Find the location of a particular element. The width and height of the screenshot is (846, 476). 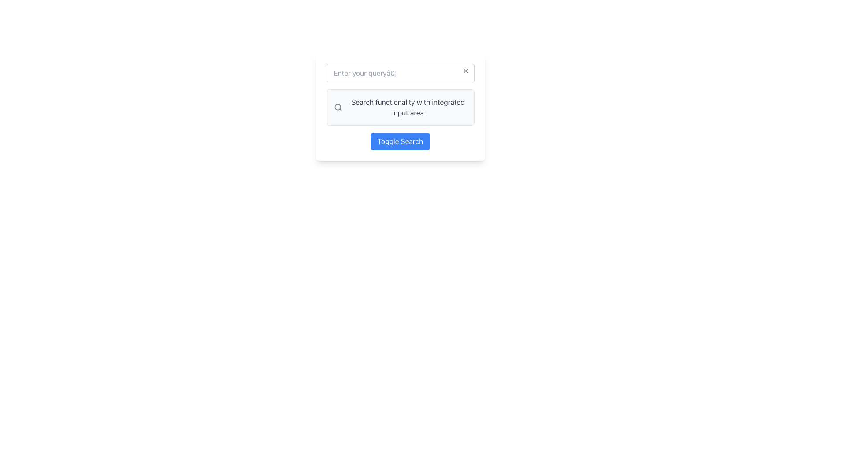

the small 'X' icon button located in the top-right corner of the text input field to clear the input field is located at coordinates (465, 71).